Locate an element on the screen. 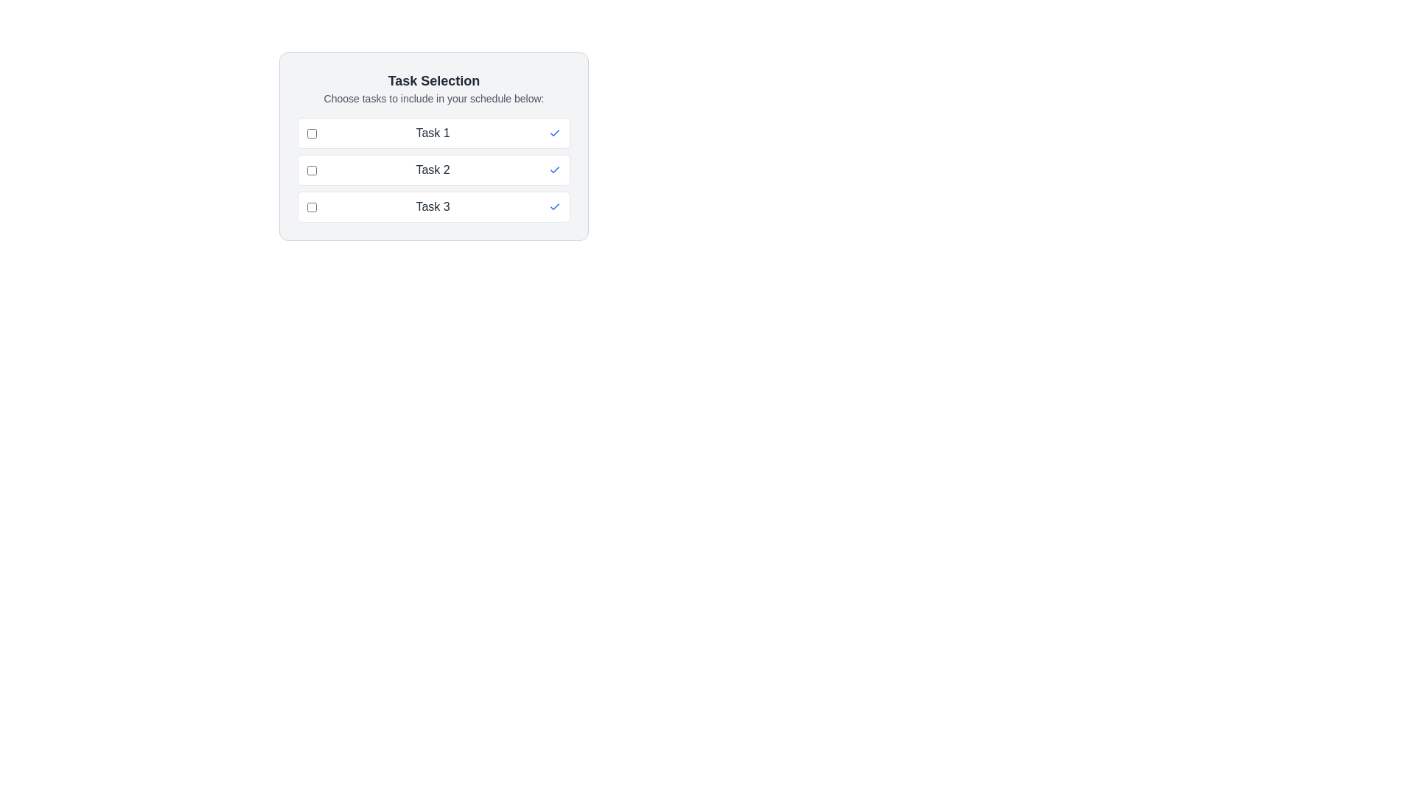 The width and height of the screenshot is (1415, 796). text content of the Text label displaying 'Task 3', which is centrally positioned in the third row of a checklist interface is located at coordinates (432, 207).